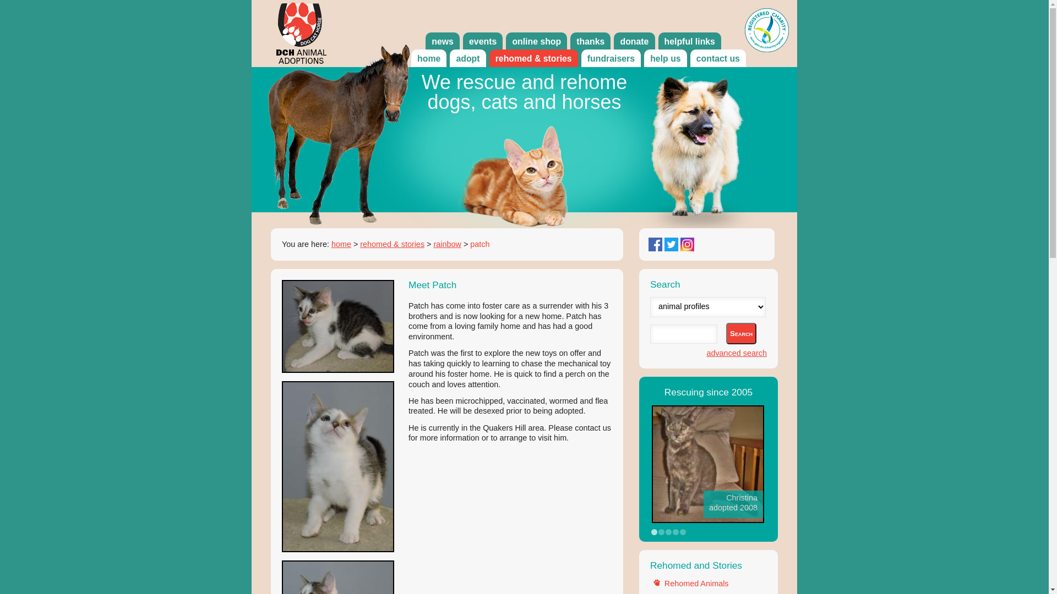 This screenshot has width=1057, height=594. Describe the element at coordinates (634, 41) in the screenshot. I see `'donate'` at that location.